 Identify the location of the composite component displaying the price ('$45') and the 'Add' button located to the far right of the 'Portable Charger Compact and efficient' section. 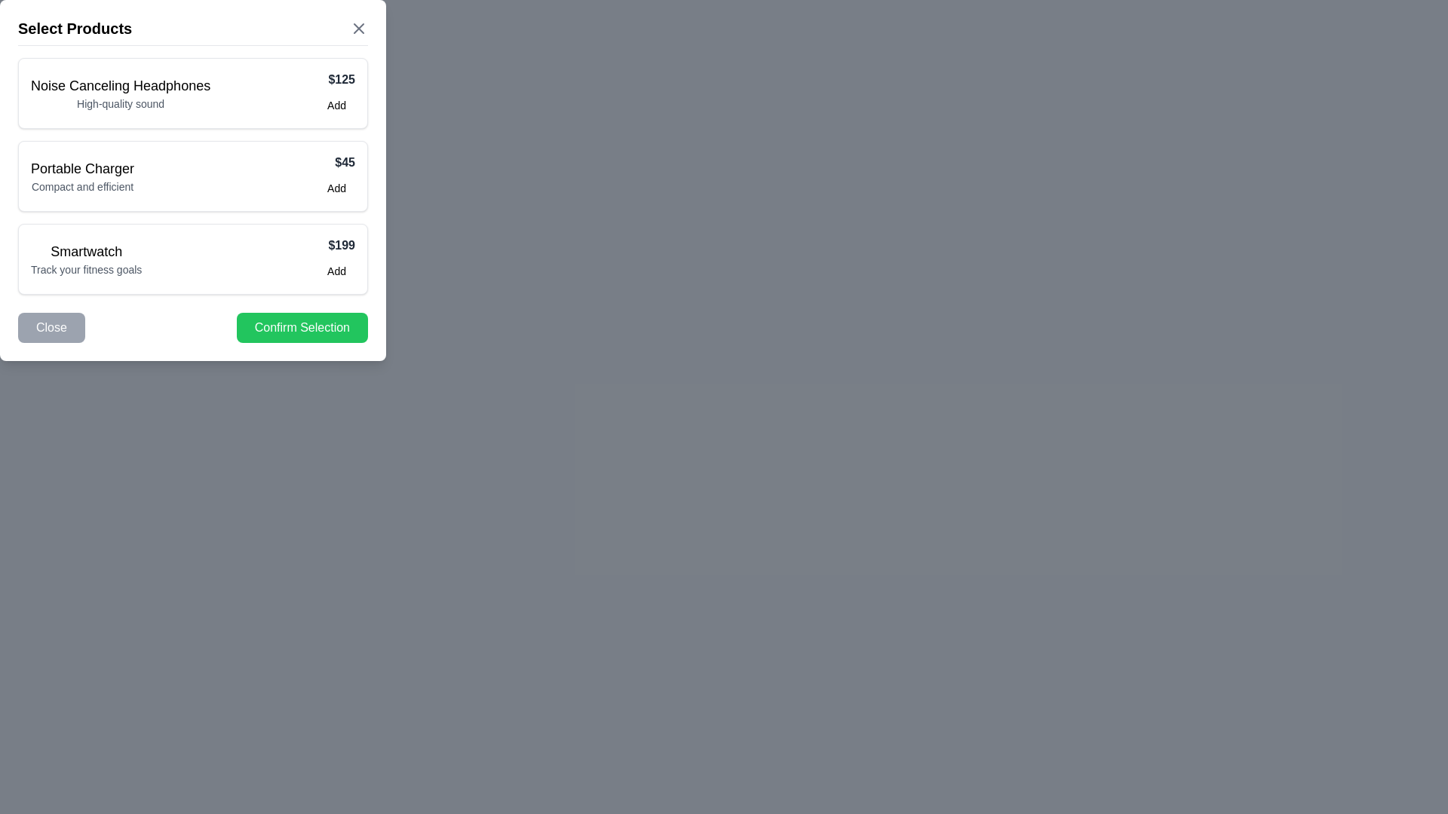
(336, 176).